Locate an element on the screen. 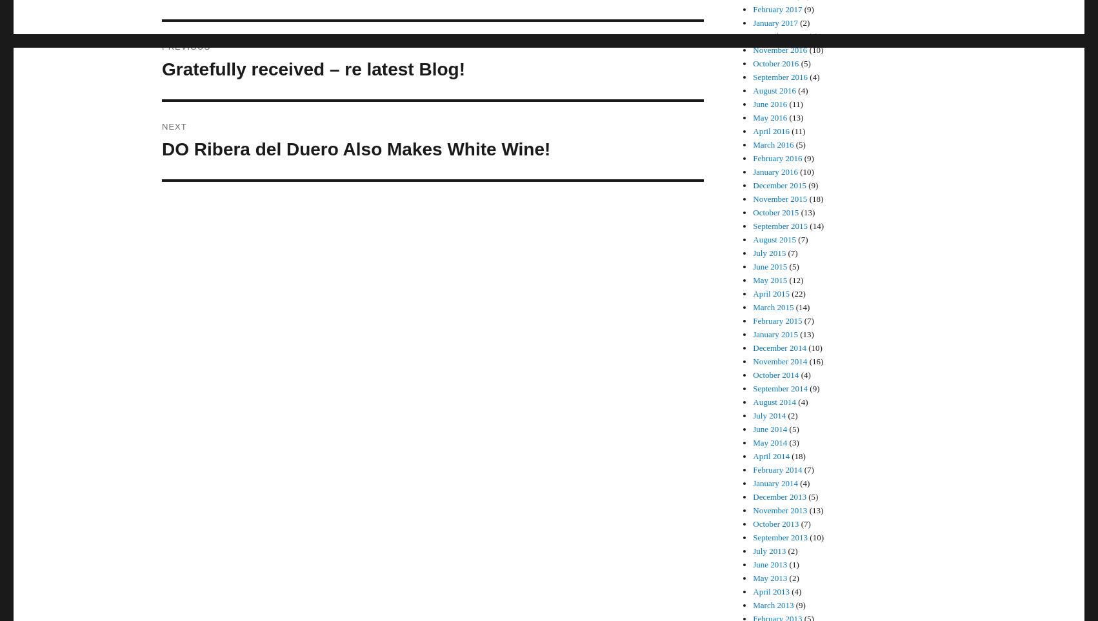  'April 2014' is located at coordinates (770, 455).